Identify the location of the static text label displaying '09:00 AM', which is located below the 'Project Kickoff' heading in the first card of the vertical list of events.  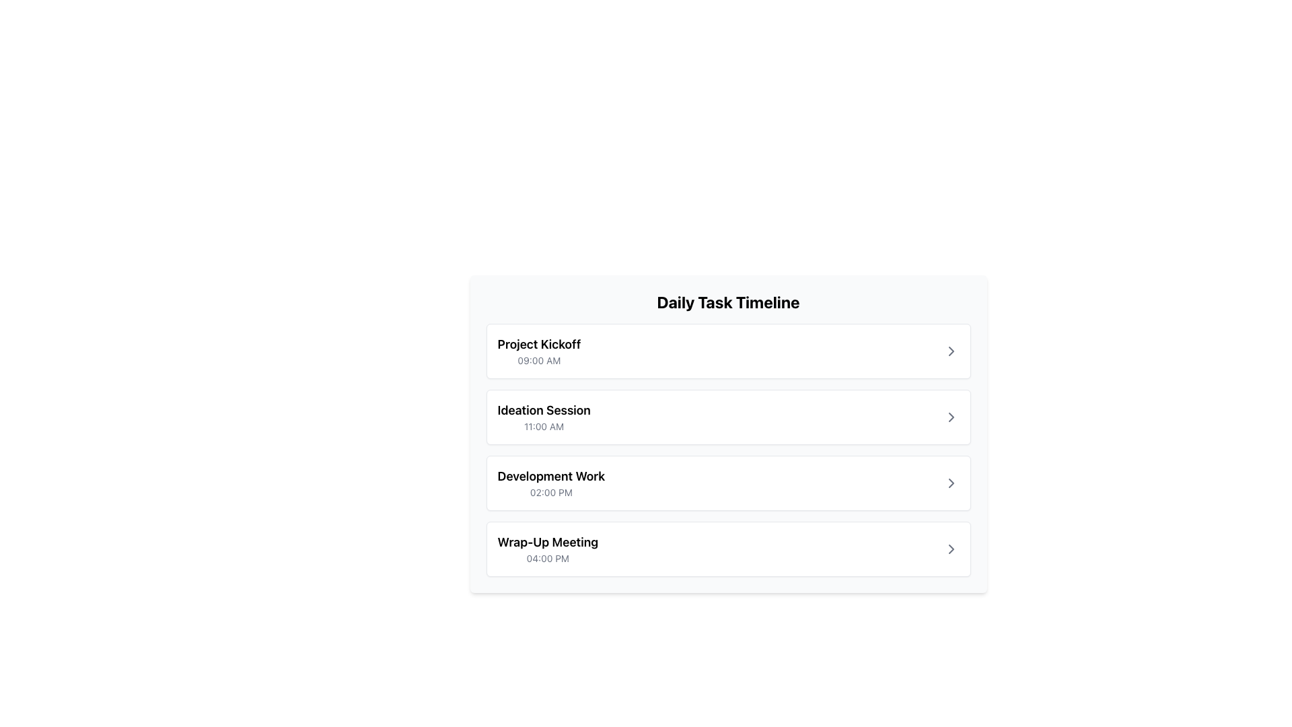
(539, 360).